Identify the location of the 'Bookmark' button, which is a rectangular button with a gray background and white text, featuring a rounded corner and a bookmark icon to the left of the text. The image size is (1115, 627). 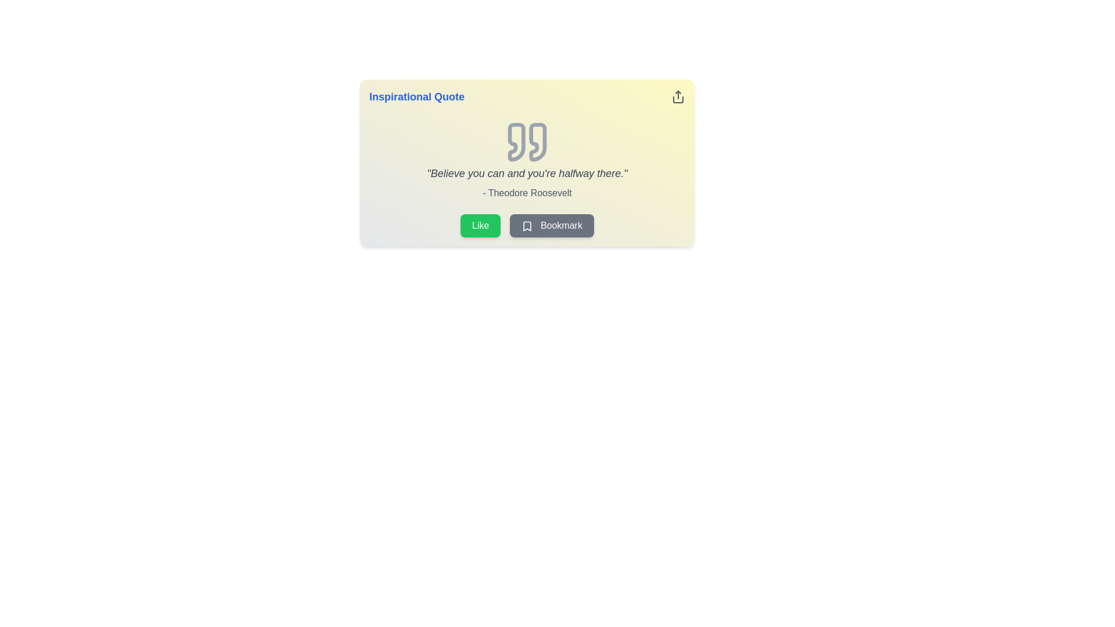
(551, 226).